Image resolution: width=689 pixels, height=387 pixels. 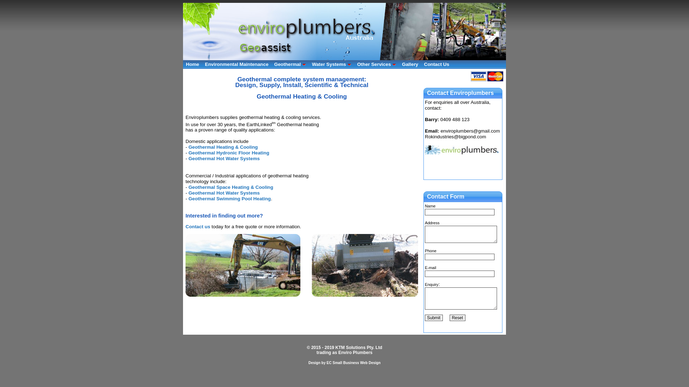 What do you see at coordinates (356, 363) in the screenshot?
I see `'Small Business Web Design'` at bounding box center [356, 363].